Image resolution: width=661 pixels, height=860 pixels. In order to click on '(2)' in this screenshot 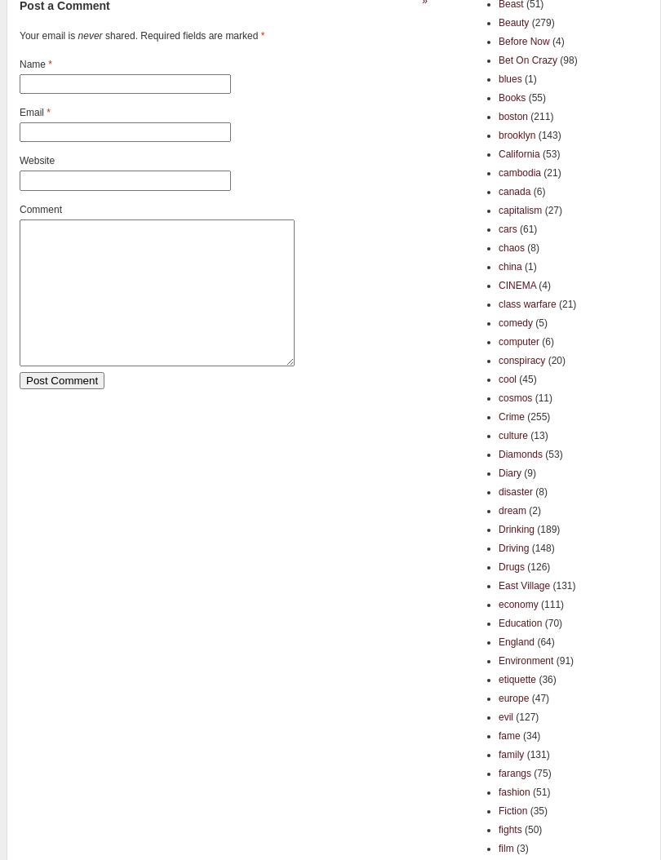, I will do `click(532, 509)`.